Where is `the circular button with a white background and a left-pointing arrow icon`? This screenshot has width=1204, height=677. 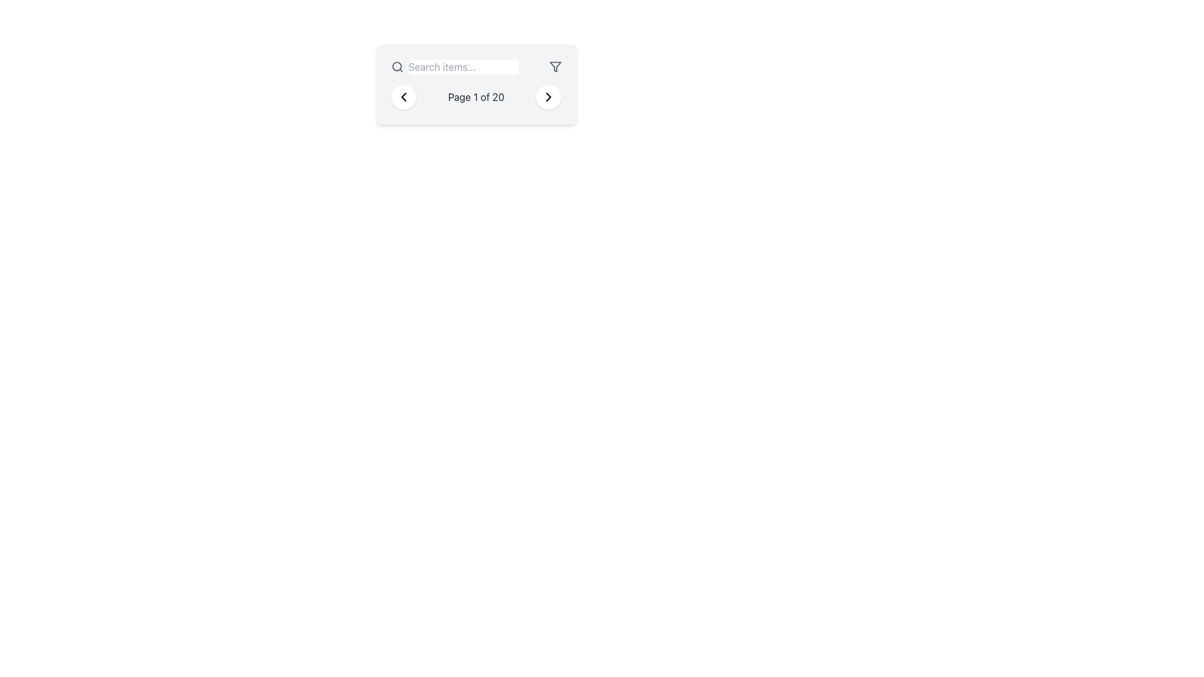 the circular button with a white background and a left-pointing arrow icon is located at coordinates (403, 96).